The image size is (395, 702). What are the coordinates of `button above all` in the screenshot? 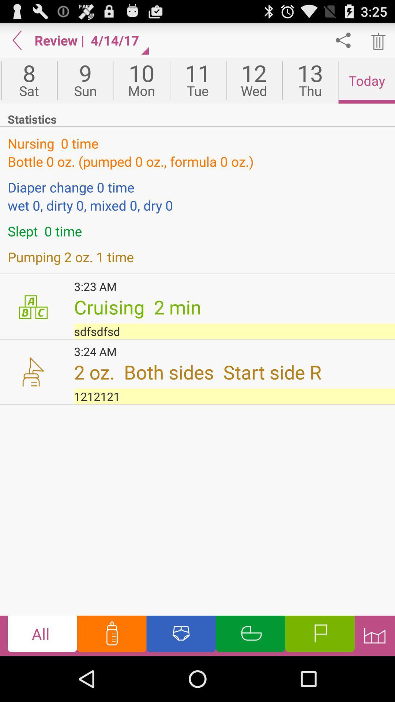 It's located at (234, 396).